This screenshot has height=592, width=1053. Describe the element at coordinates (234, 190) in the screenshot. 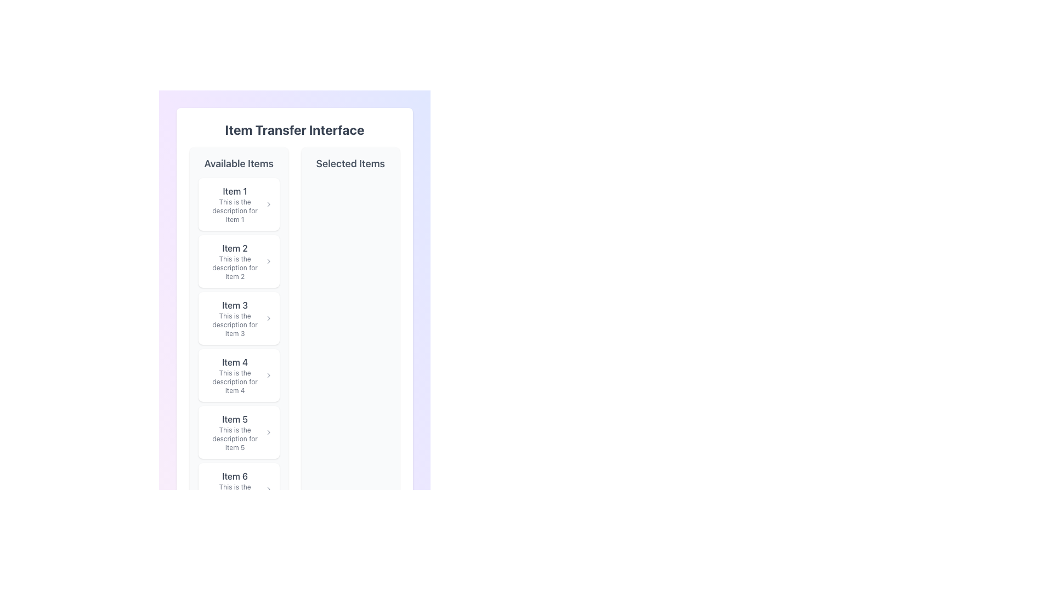

I see `the text label that reads 'Item 1'` at that location.